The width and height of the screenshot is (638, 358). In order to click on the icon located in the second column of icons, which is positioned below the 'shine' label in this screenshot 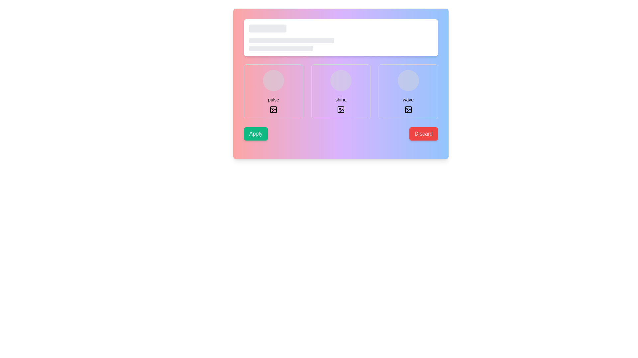, I will do `click(341, 111)`.